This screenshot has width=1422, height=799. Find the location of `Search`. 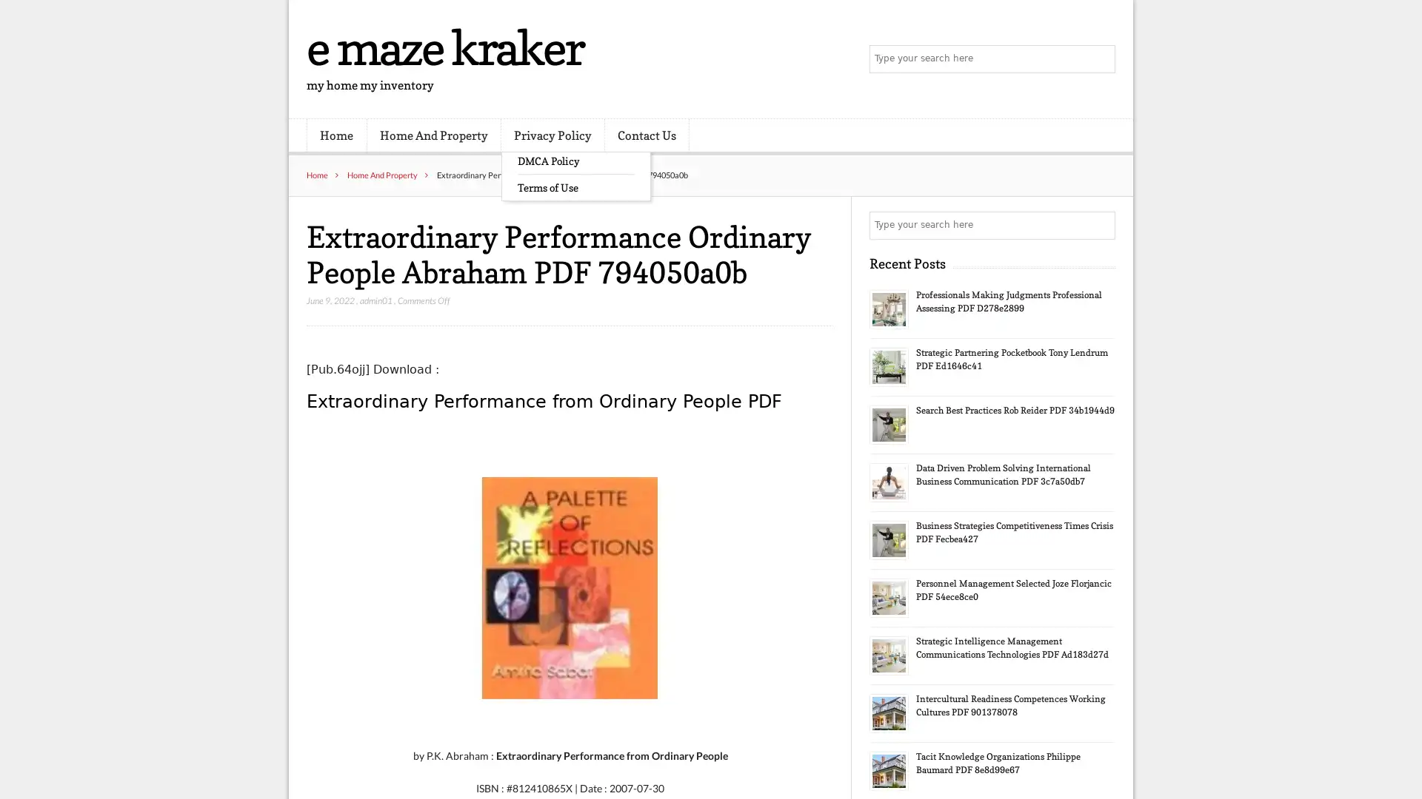

Search is located at coordinates (1100, 59).